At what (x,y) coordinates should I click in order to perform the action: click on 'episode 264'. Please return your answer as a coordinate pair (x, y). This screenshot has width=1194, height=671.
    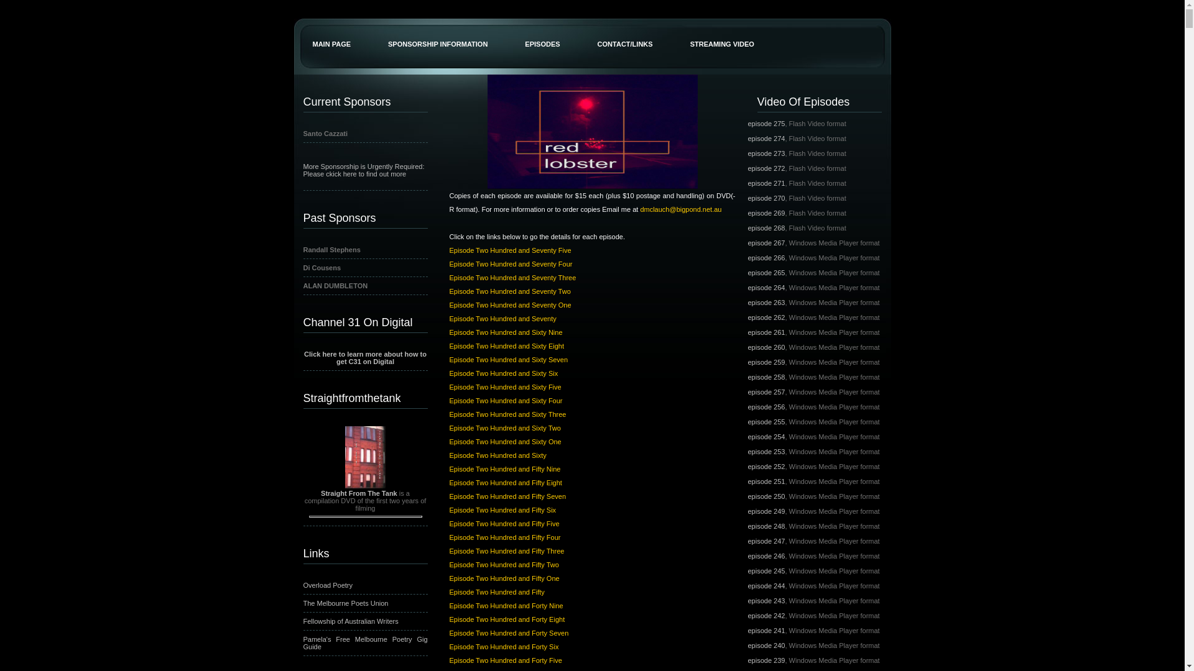
    Looking at the image, I should click on (766, 287).